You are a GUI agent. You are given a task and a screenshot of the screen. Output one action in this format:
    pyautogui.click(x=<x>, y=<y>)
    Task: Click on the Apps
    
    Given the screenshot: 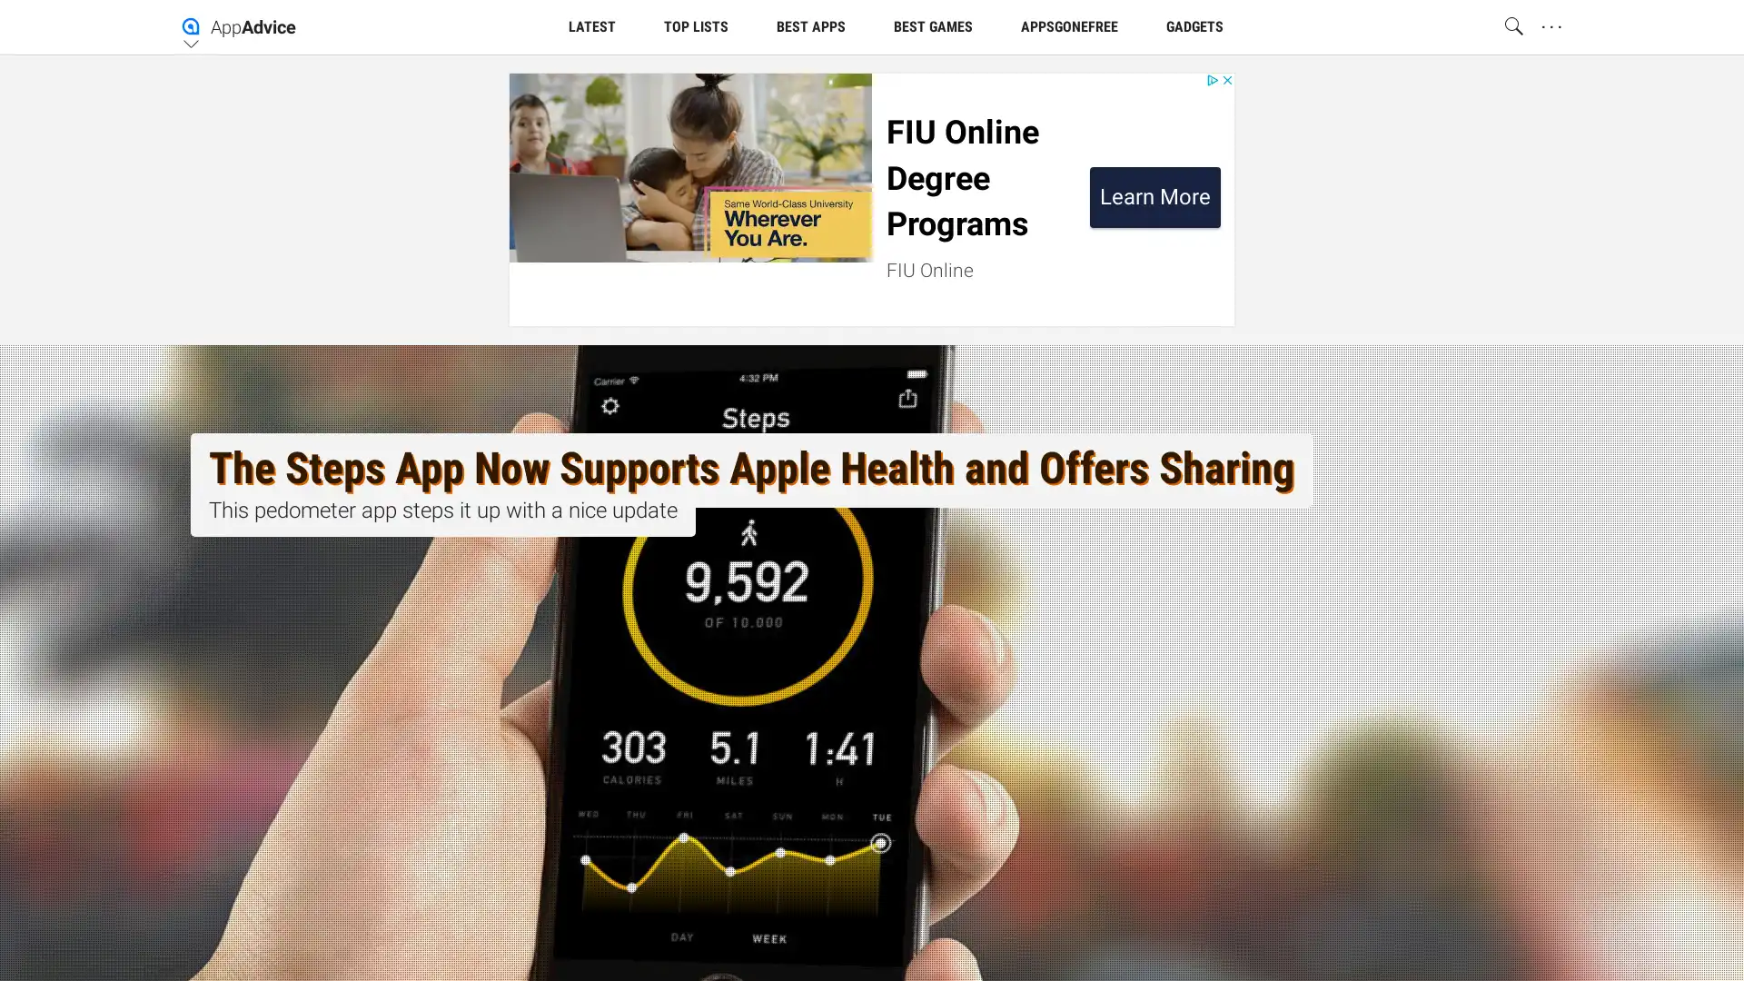 What is the action you would take?
    pyautogui.click(x=1021, y=171)
    